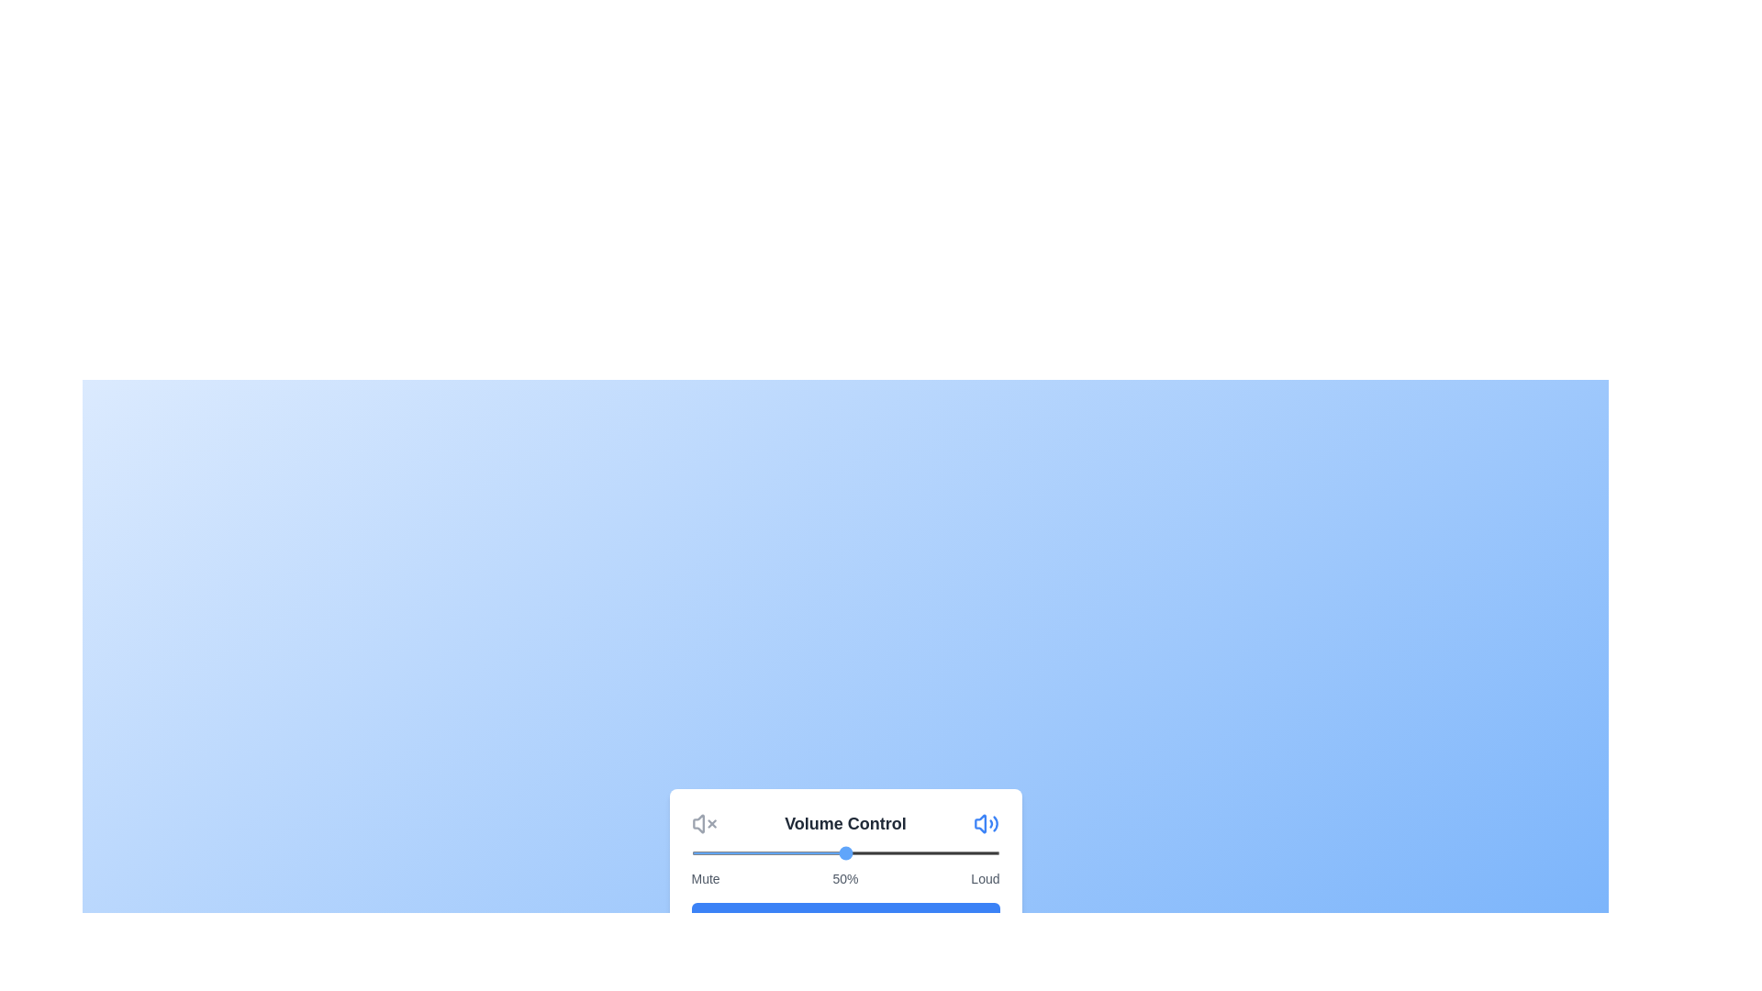 The width and height of the screenshot is (1762, 991). I want to click on the volume slider to 85%, so click(953, 852).